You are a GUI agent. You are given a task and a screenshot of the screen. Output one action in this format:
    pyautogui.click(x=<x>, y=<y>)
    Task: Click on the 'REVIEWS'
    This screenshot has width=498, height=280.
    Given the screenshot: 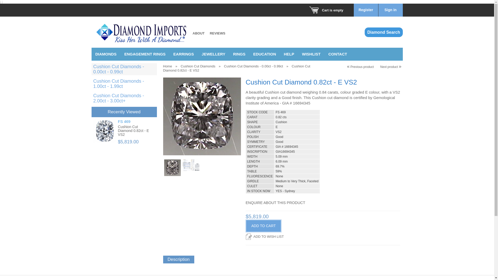 What is the action you would take?
    pyautogui.click(x=218, y=34)
    